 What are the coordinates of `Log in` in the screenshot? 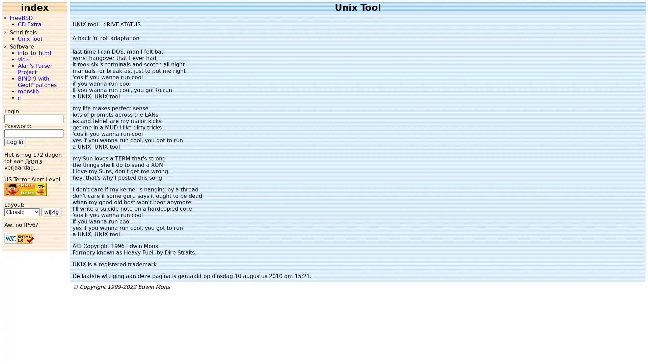 It's located at (15, 141).